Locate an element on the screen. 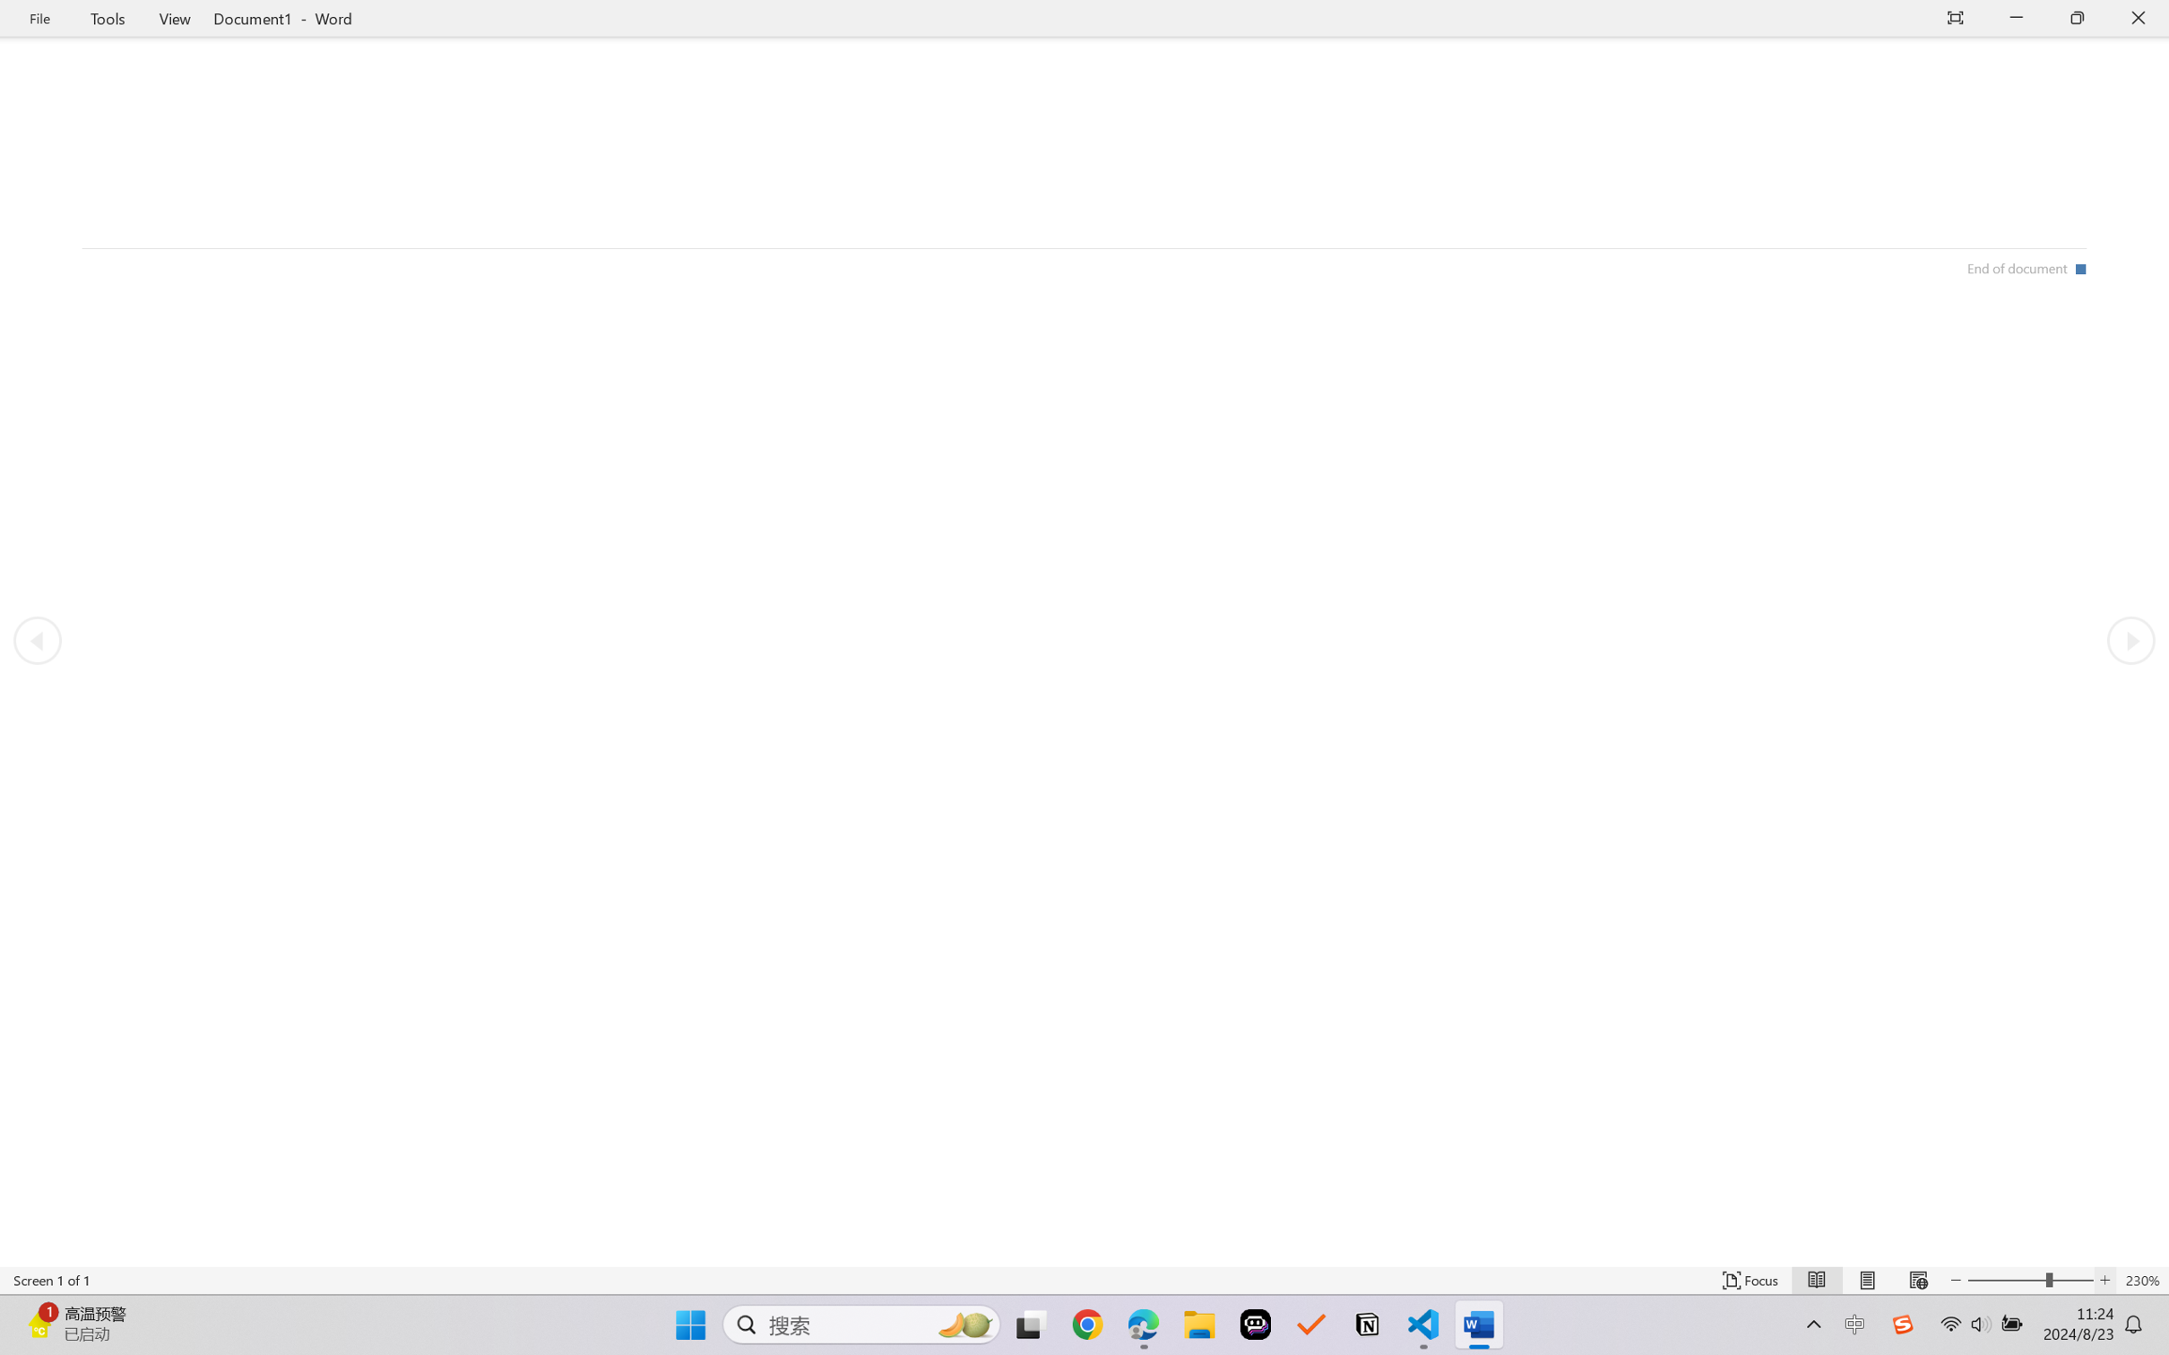 This screenshot has height=1355, width=2169. 'Tools' is located at coordinates (108, 18).